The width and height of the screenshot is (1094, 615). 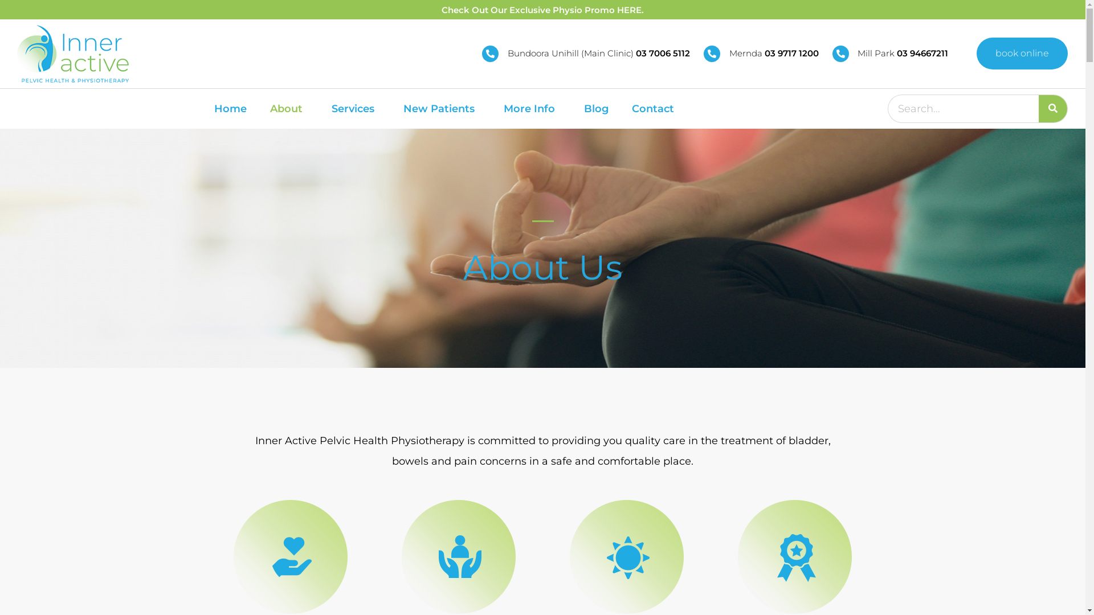 I want to click on 'Home', so click(x=205, y=109).